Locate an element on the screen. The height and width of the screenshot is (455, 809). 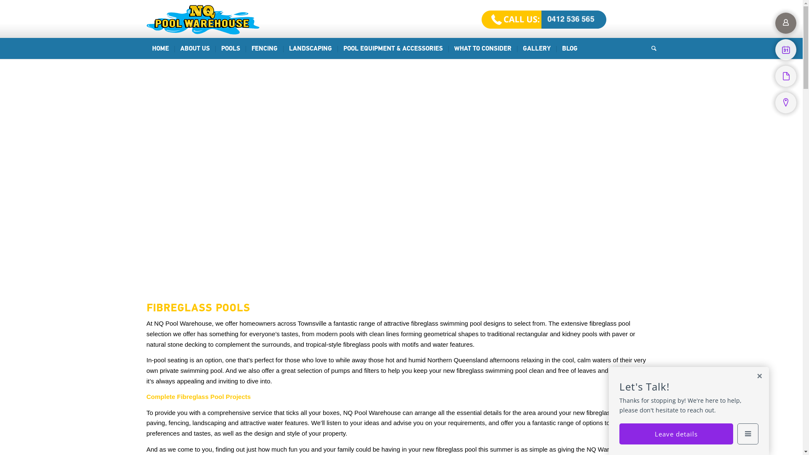
'FENCING' is located at coordinates (244, 48).